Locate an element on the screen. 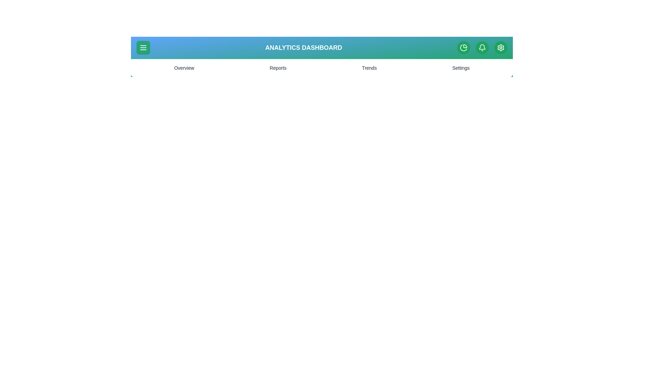 The image size is (660, 371). the Trends menu item to navigate to the corresponding section is located at coordinates (369, 68).